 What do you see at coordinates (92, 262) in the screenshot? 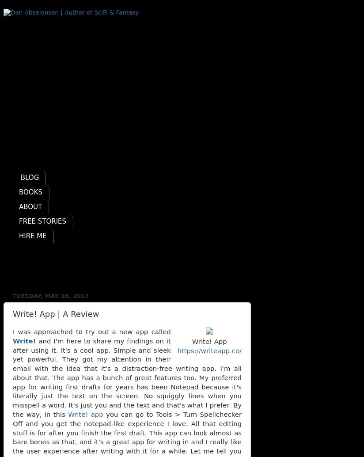
I see `'Listen to my Short Story "The Forest Trail"'` at bounding box center [92, 262].